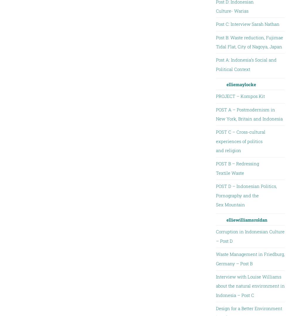 This screenshot has height=316, width=293. I want to click on 'PROJECT – Kompos Kit', so click(240, 96).